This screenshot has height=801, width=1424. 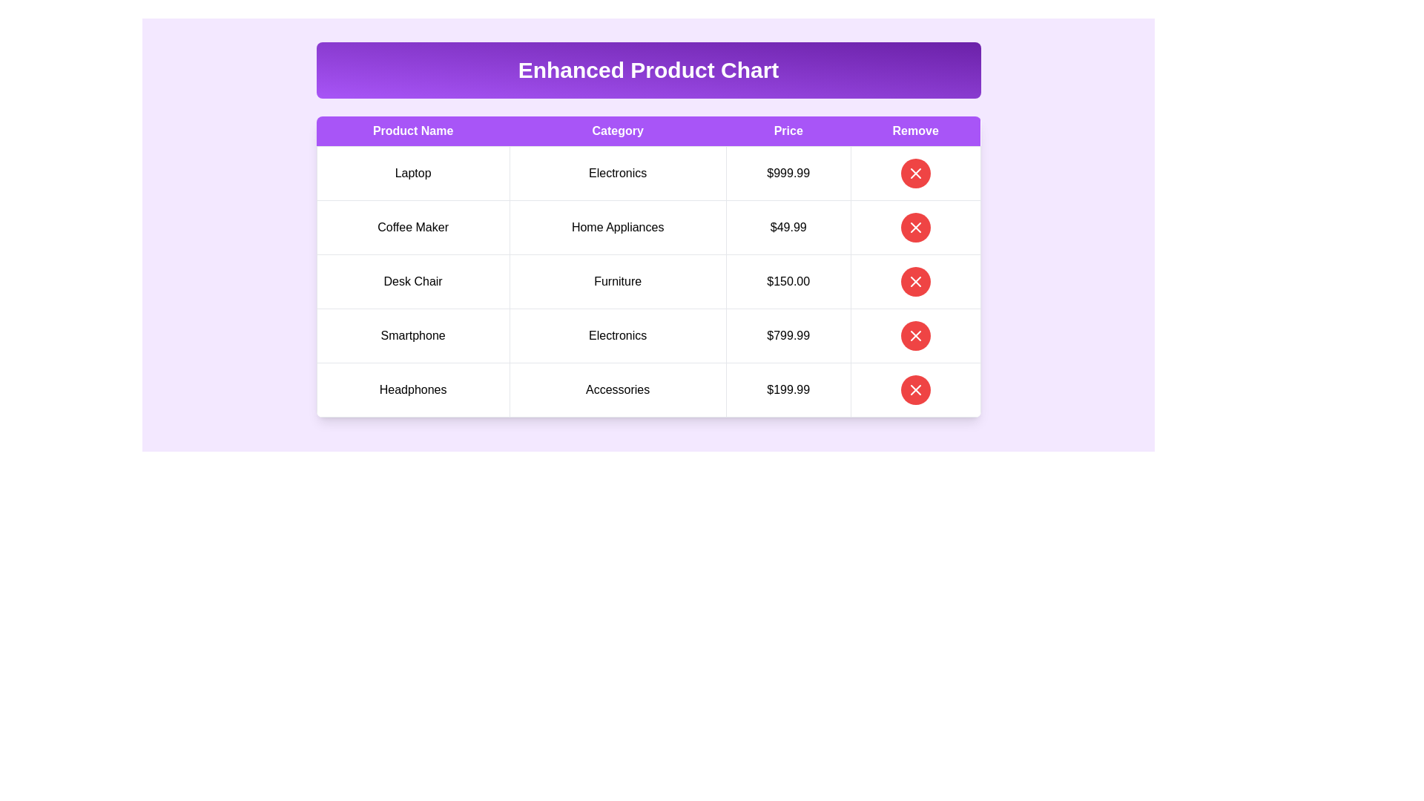 I want to click on the 'Electronics' text label, which categorizes the product 'Laptop', so click(x=618, y=173).